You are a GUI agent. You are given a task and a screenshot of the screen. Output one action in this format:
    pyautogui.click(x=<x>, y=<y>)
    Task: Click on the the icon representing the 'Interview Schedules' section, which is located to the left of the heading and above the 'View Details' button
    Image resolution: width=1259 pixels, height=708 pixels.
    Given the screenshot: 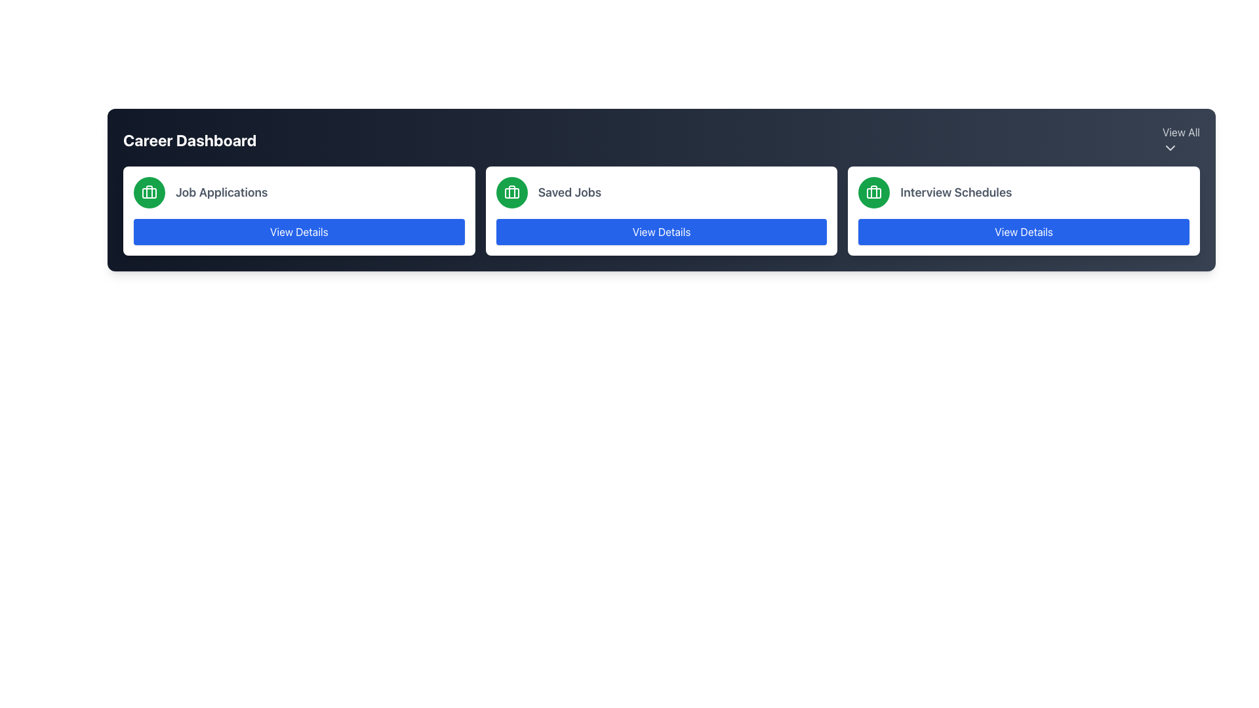 What is the action you would take?
    pyautogui.click(x=874, y=192)
    